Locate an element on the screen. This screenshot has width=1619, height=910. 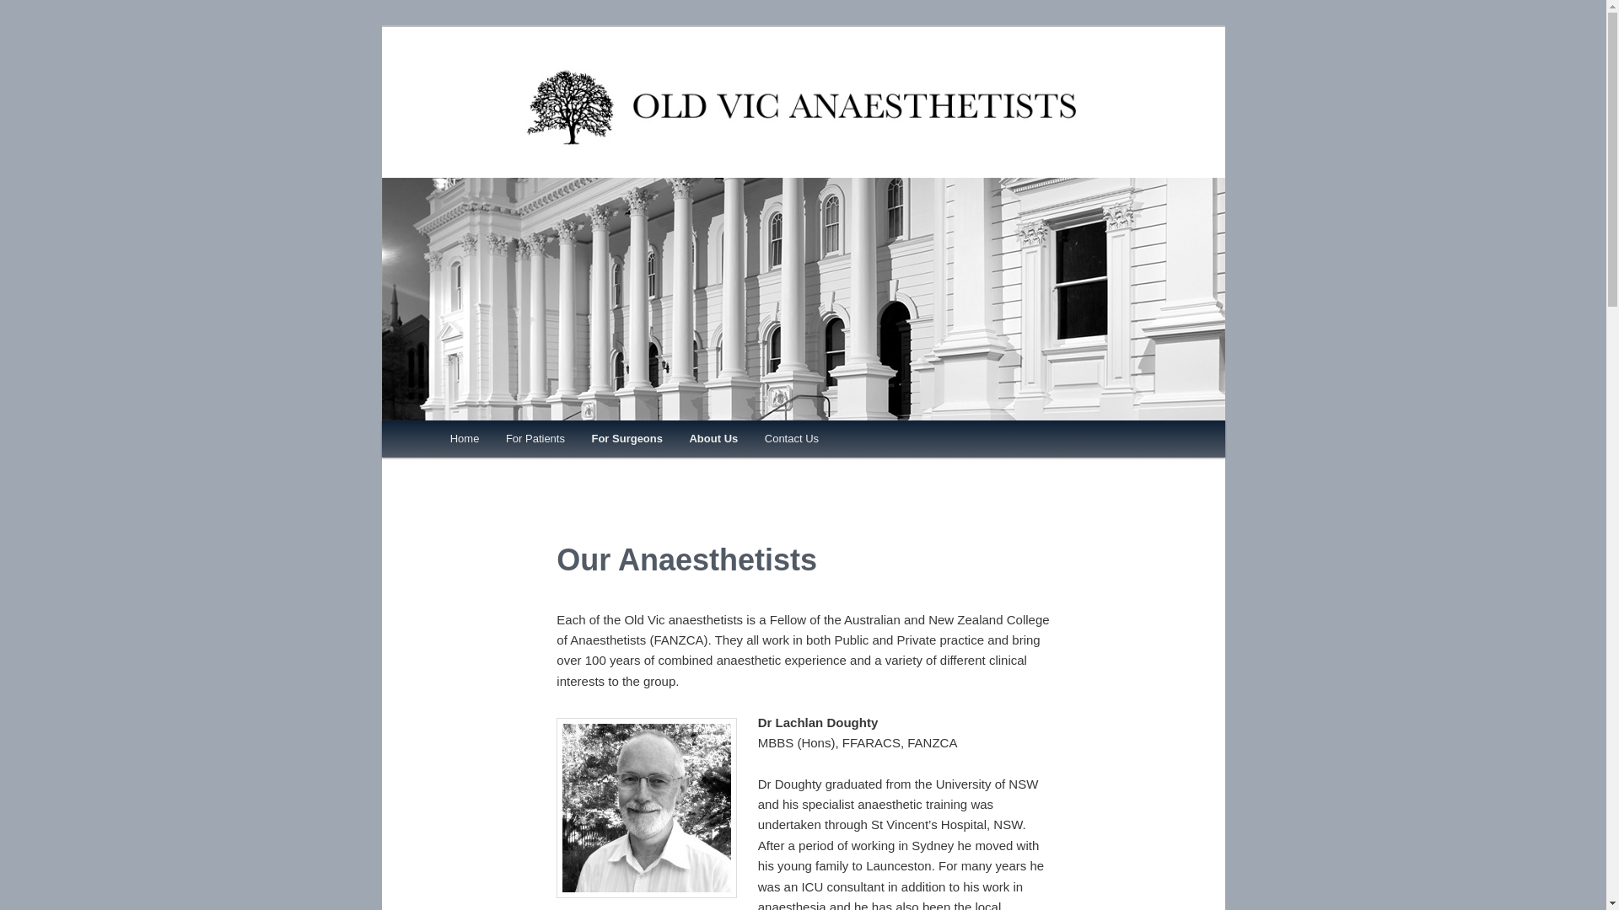
'About Us' is located at coordinates (675, 437).